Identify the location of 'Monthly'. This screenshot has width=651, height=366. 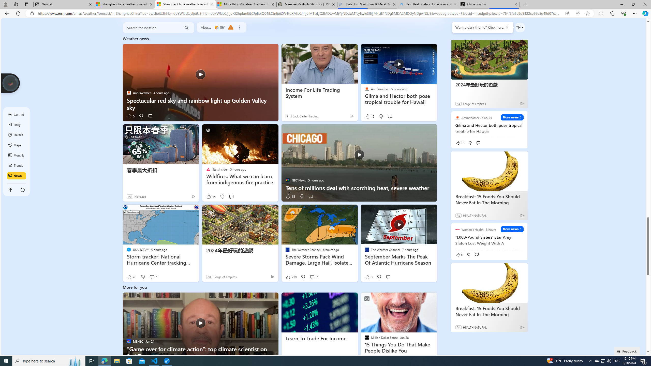
(17, 156).